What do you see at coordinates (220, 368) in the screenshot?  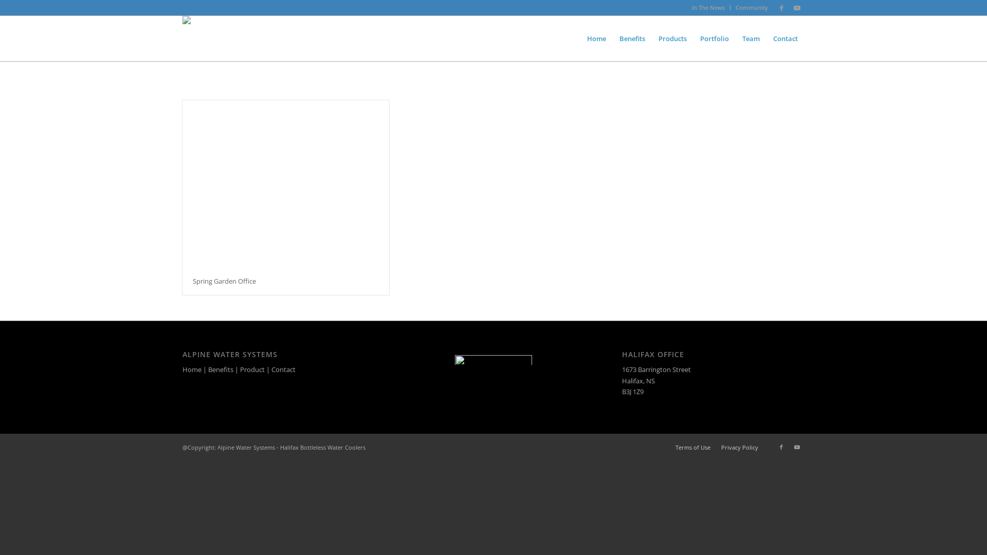 I see `'Benefits'` at bounding box center [220, 368].